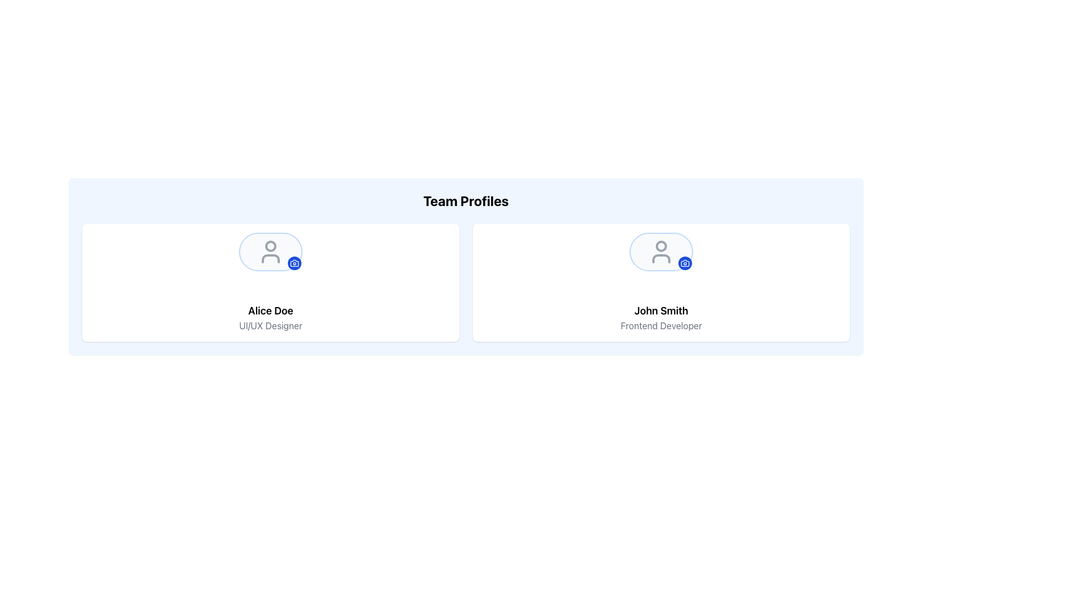  Describe the element at coordinates (270, 251) in the screenshot. I see `the user profile avatar placeholder located` at that location.